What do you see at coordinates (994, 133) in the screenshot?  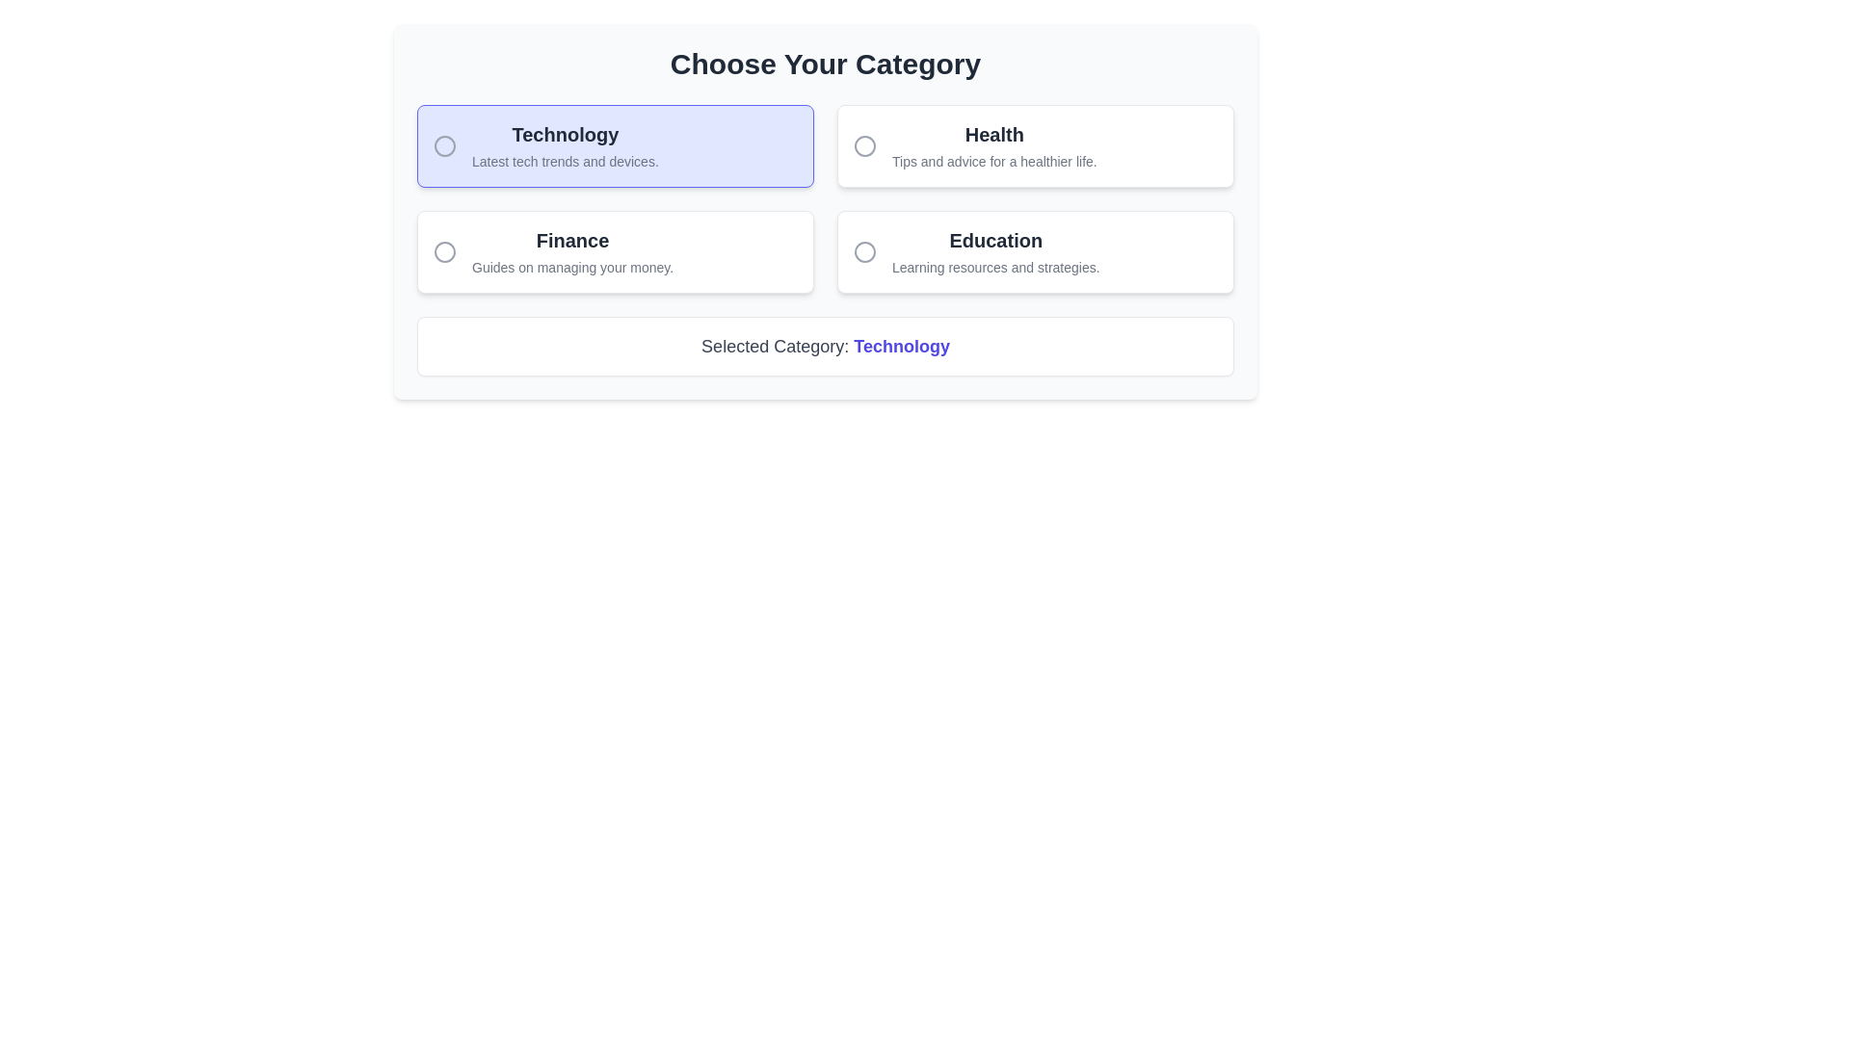 I see `information displayed in the 'Health' text element, which is bold and larger, located in the top row of the grid-like selection menu` at bounding box center [994, 133].